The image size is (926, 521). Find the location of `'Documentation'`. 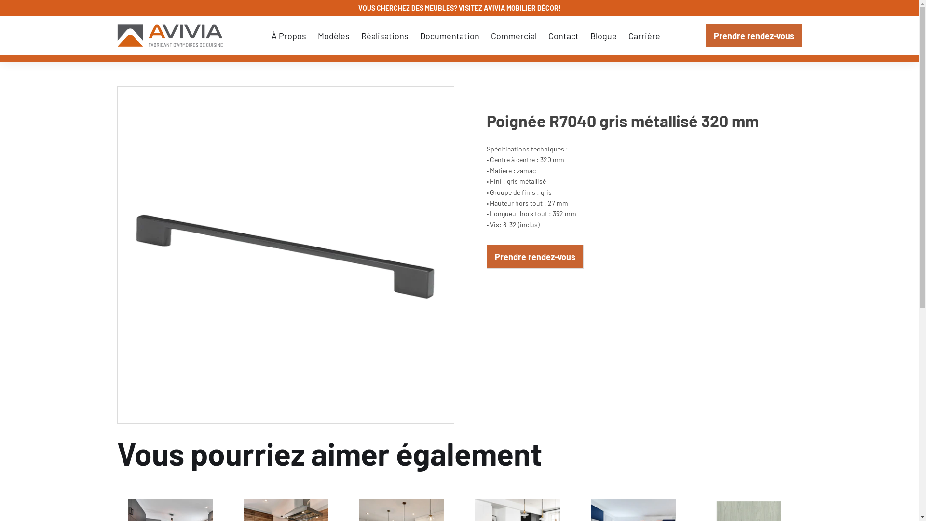

'Documentation' is located at coordinates (449, 35).